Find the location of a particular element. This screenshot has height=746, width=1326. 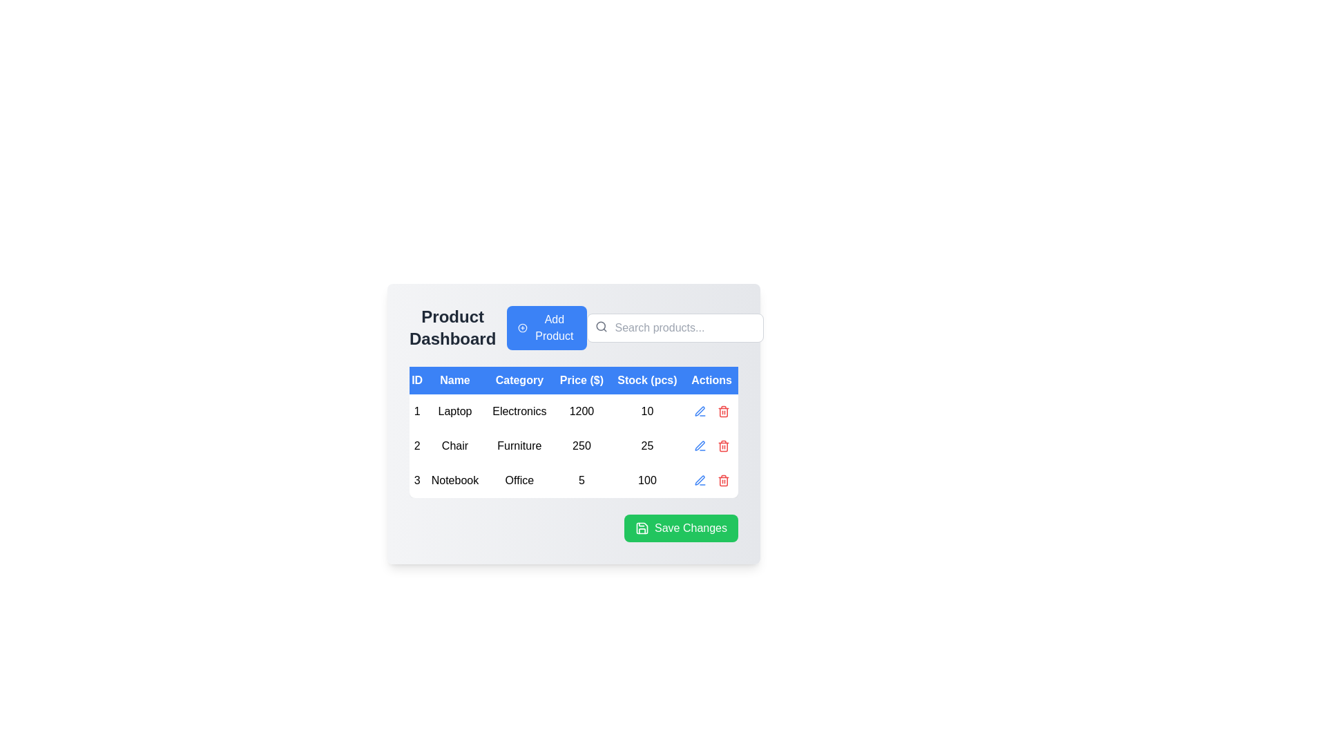

the 'Add Product' icon located at the upper-right corner of the 'Product Dashboard' interface, adjacent to the search bar, for interaction is located at coordinates (522, 327).